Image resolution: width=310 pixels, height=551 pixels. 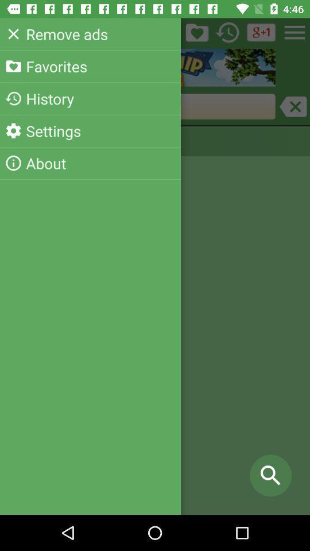 I want to click on the close icon, so click(x=293, y=106).